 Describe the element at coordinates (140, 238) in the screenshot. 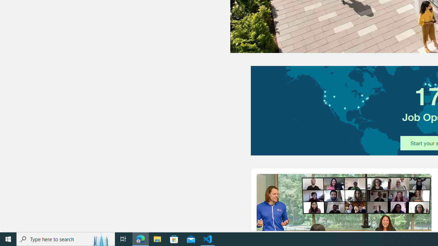

I see `'Microsoft Edge - 1 running window'` at that location.